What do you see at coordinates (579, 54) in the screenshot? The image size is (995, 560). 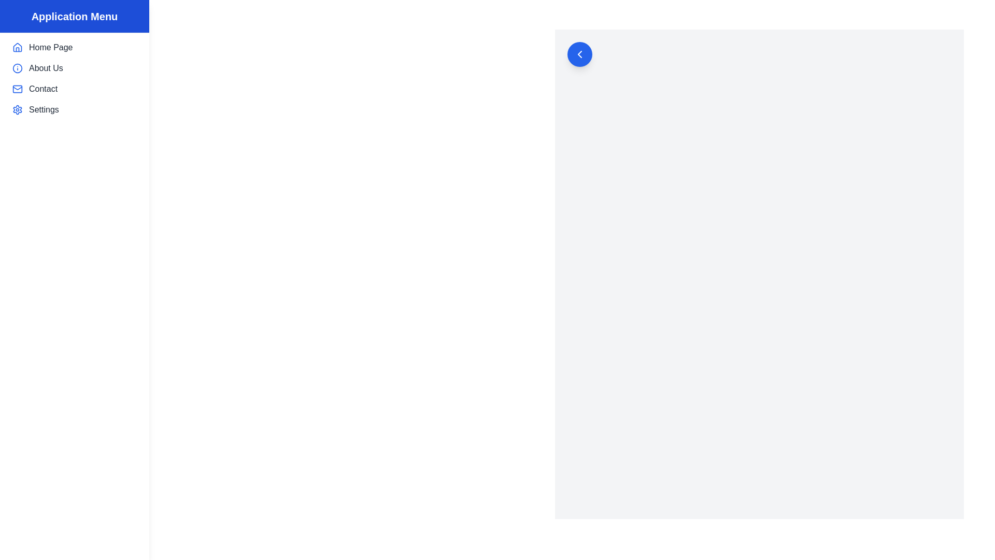 I see `the circular button with a blue background and a white left-facing chevron icon in the top-left corner` at bounding box center [579, 54].